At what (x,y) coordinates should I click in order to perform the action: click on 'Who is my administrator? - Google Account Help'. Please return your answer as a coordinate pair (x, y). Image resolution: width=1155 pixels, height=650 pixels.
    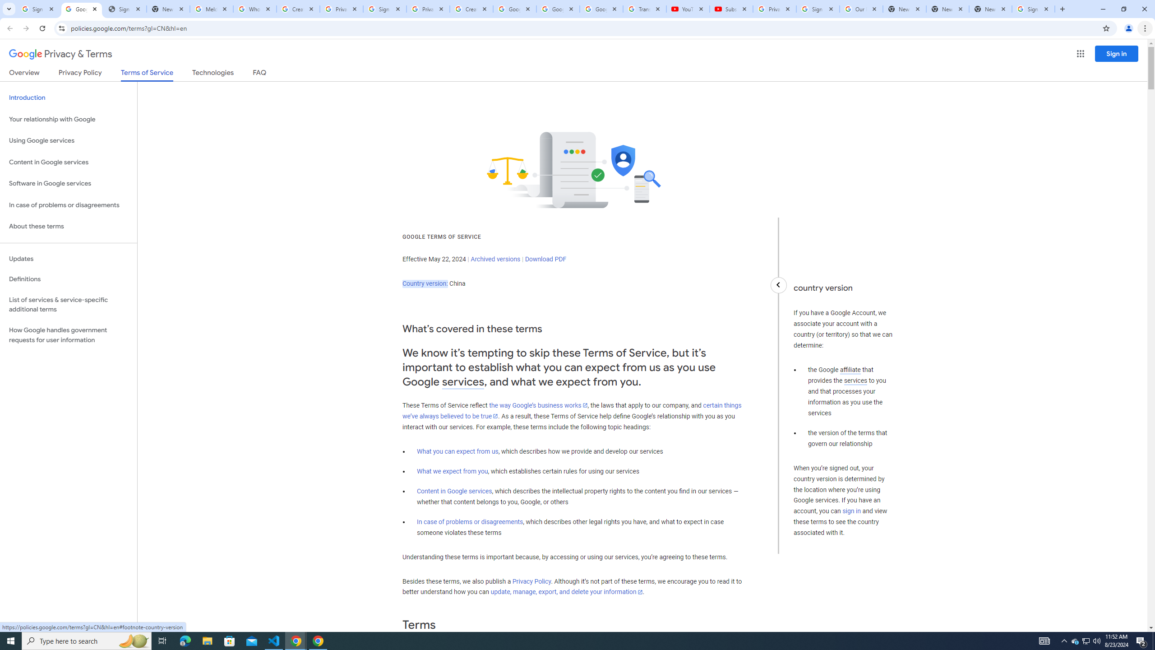
    Looking at the image, I should click on (254, 9).